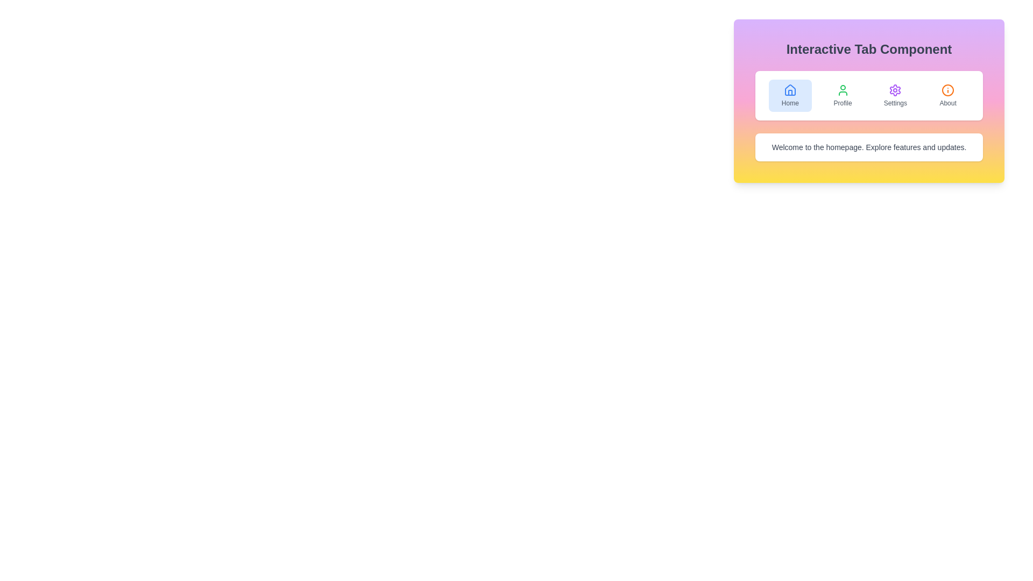 The image size is (1033, 581). What do you see at coordinates (842, 95) in the screenshot?
I see `the tab button labeled Profile to view its hover effect` at bounding box center [842, 95].